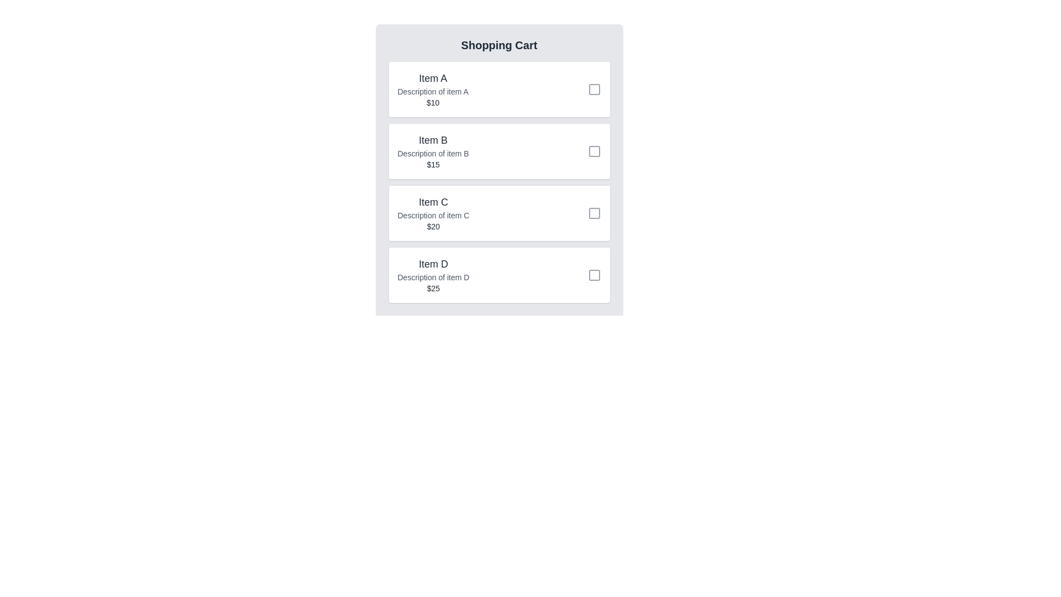 The width and height of the screenshot is (1061, 597). What do you see at coordinates (433, 153) in the screenshot?
I see `the brief description text of 'Item B' in the shopping cart interface, which is located directly below the 'Item B' label and above the '$15' price tag` at bounding box center [433, 153].